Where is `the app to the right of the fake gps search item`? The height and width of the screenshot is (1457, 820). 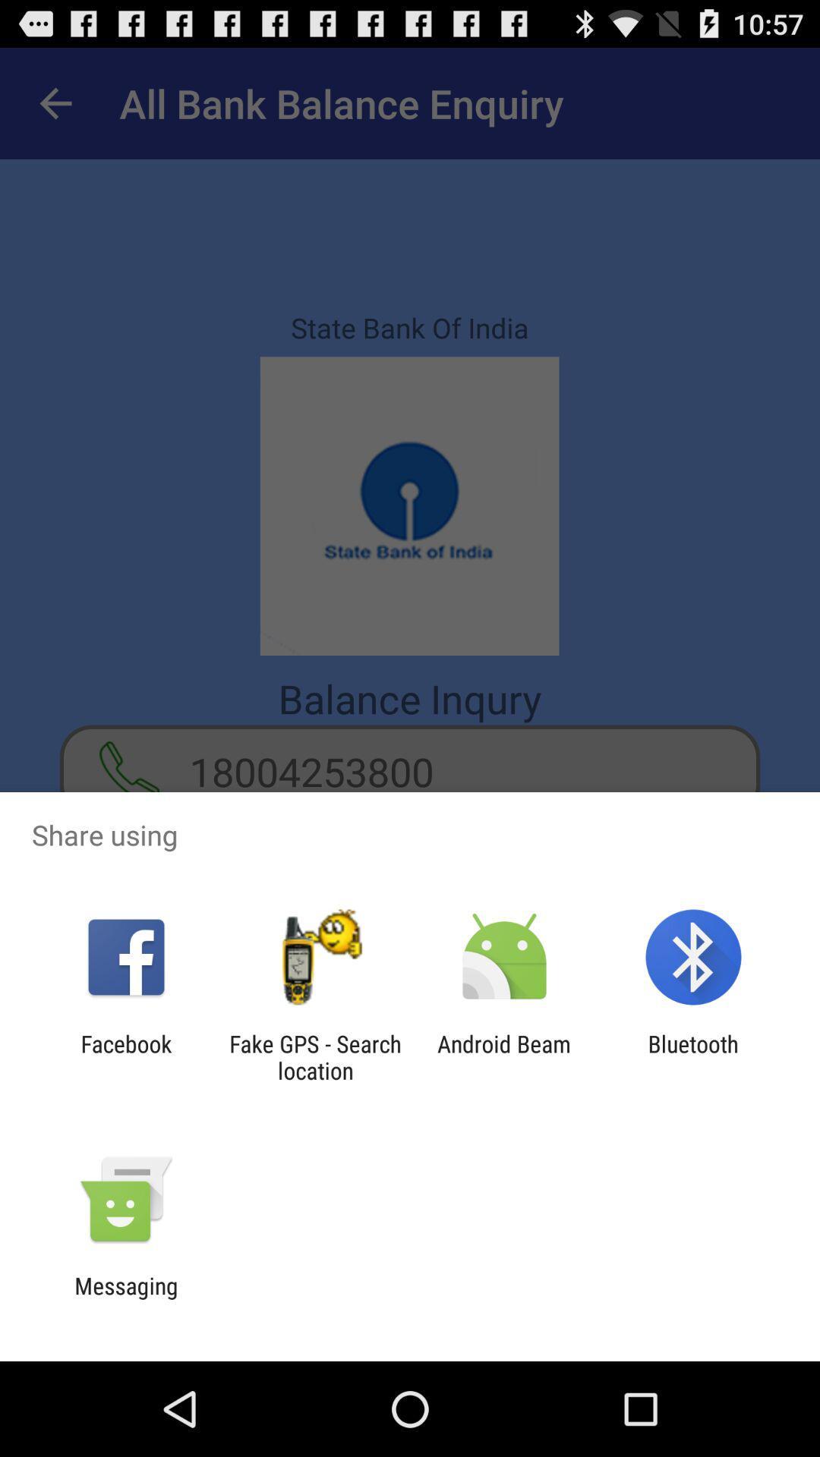
the app to the right of the fake gps search item is located at coordinates (504, 1056).